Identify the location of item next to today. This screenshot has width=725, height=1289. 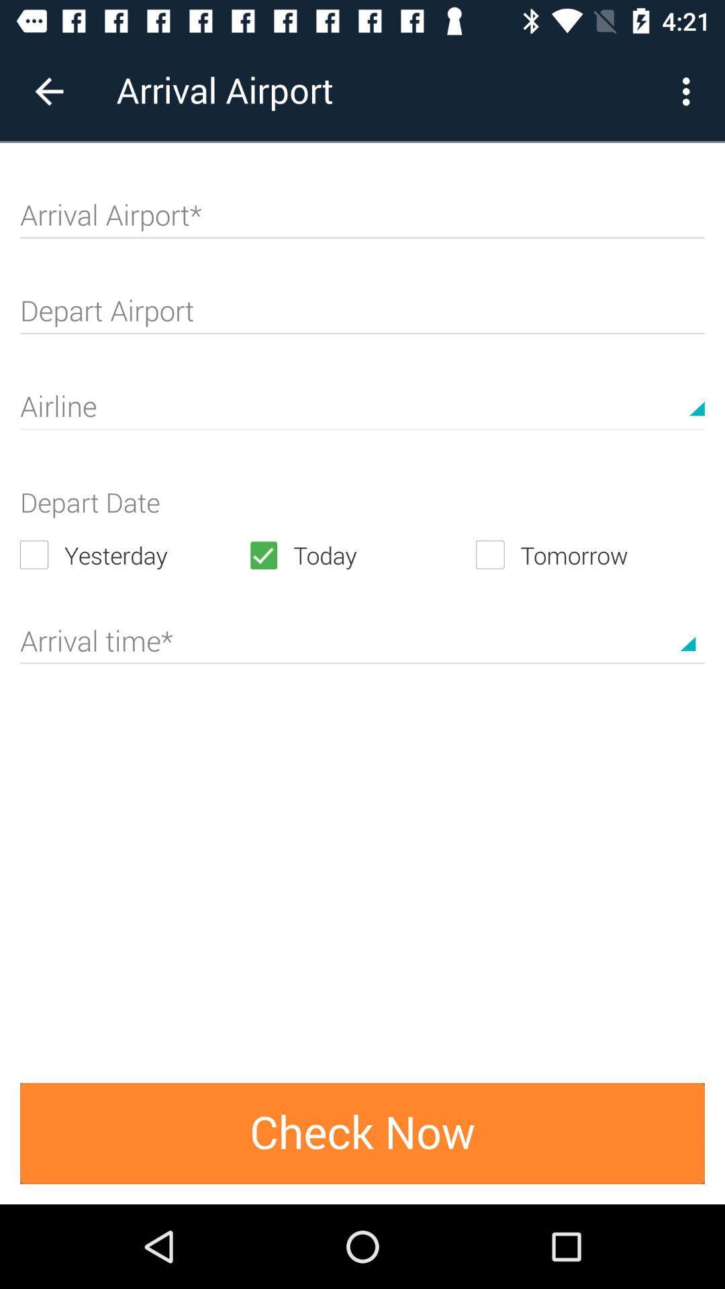
(134, 555).